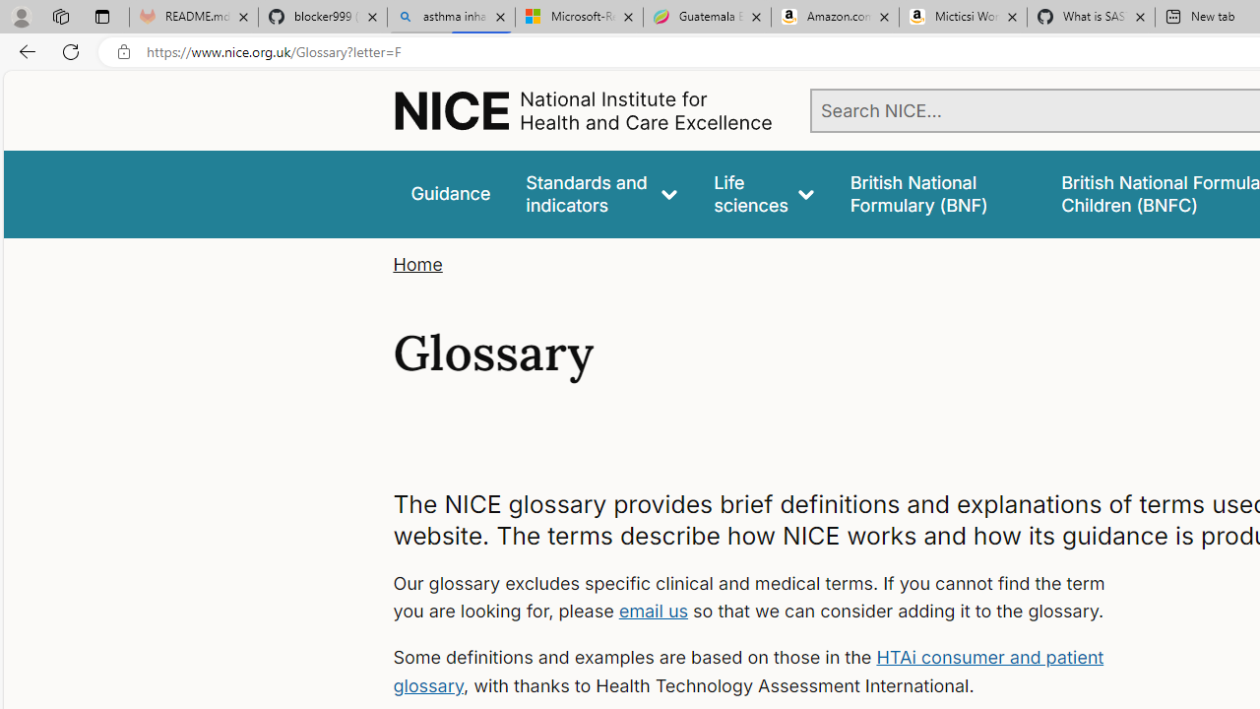  I want to click on 'email us', so click(654, 611).